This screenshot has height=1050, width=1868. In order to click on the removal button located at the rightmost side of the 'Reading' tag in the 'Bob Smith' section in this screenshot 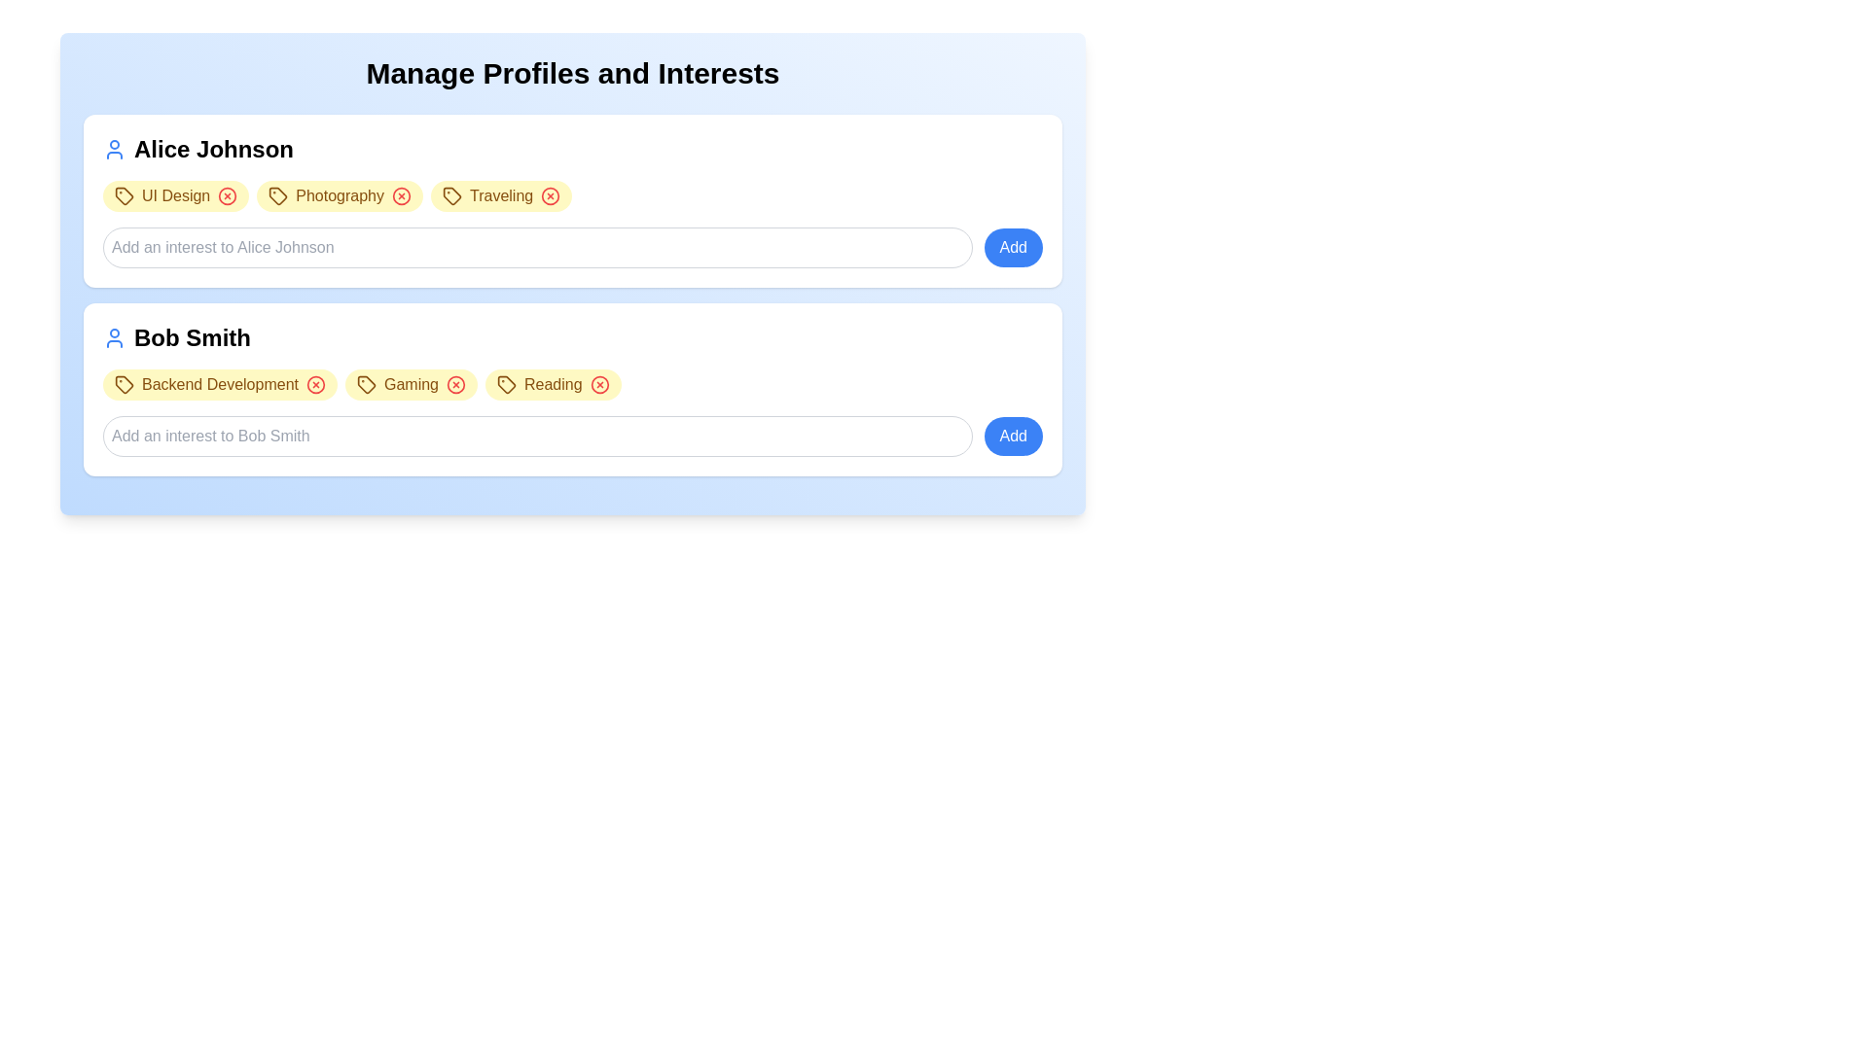, I will do `click(598, 385)`.